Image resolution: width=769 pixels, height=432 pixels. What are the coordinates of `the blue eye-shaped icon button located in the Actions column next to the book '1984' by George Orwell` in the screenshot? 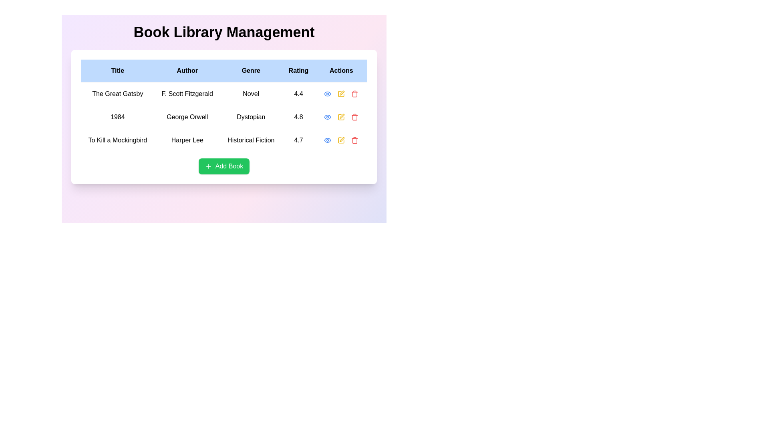 It's located at (328, 117).